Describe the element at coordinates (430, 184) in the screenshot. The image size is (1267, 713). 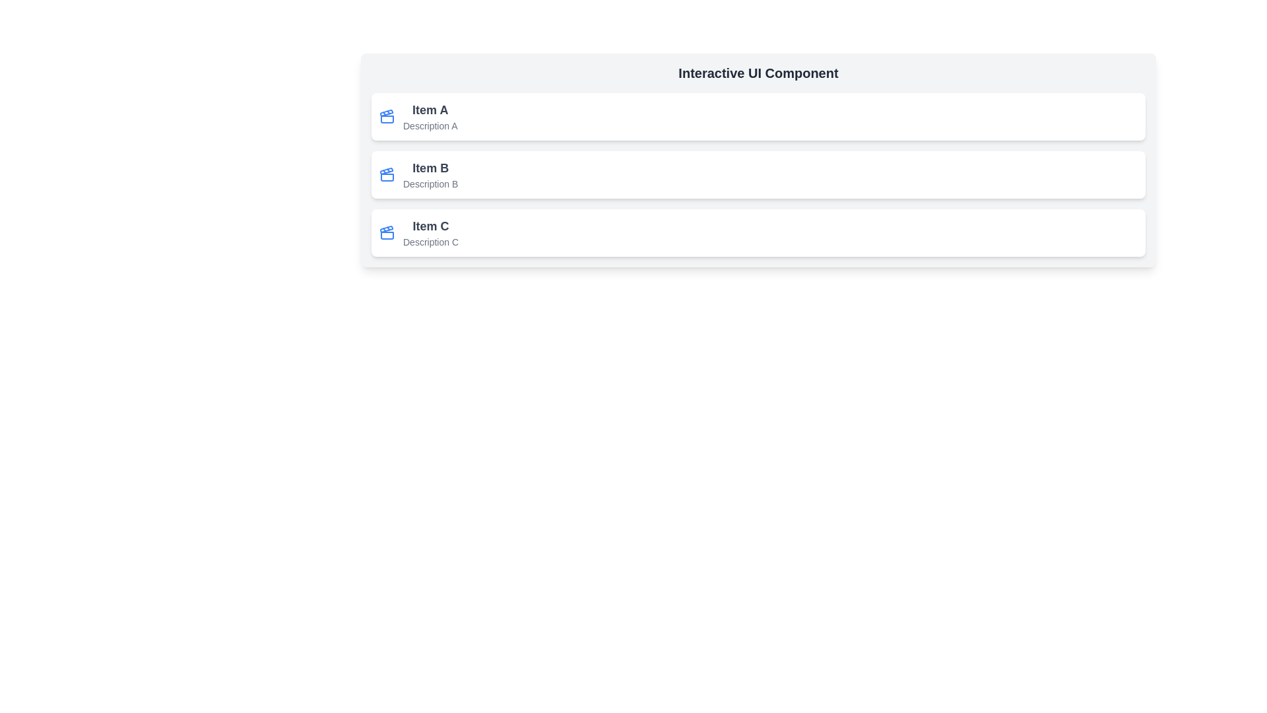
I see `the text label displaying 'Description B' in a smaller gray font, which is located below the 'Item B' text in the second list item` at that location.